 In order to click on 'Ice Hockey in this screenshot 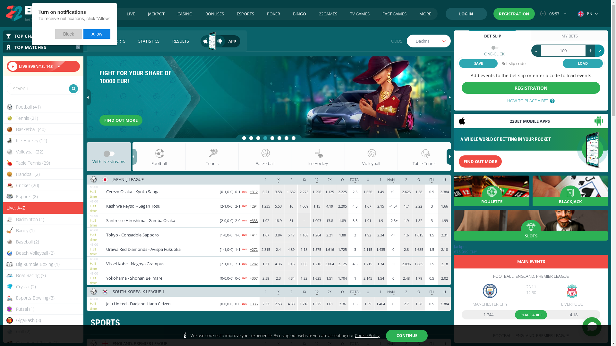, I will do `click(43, 140)`.